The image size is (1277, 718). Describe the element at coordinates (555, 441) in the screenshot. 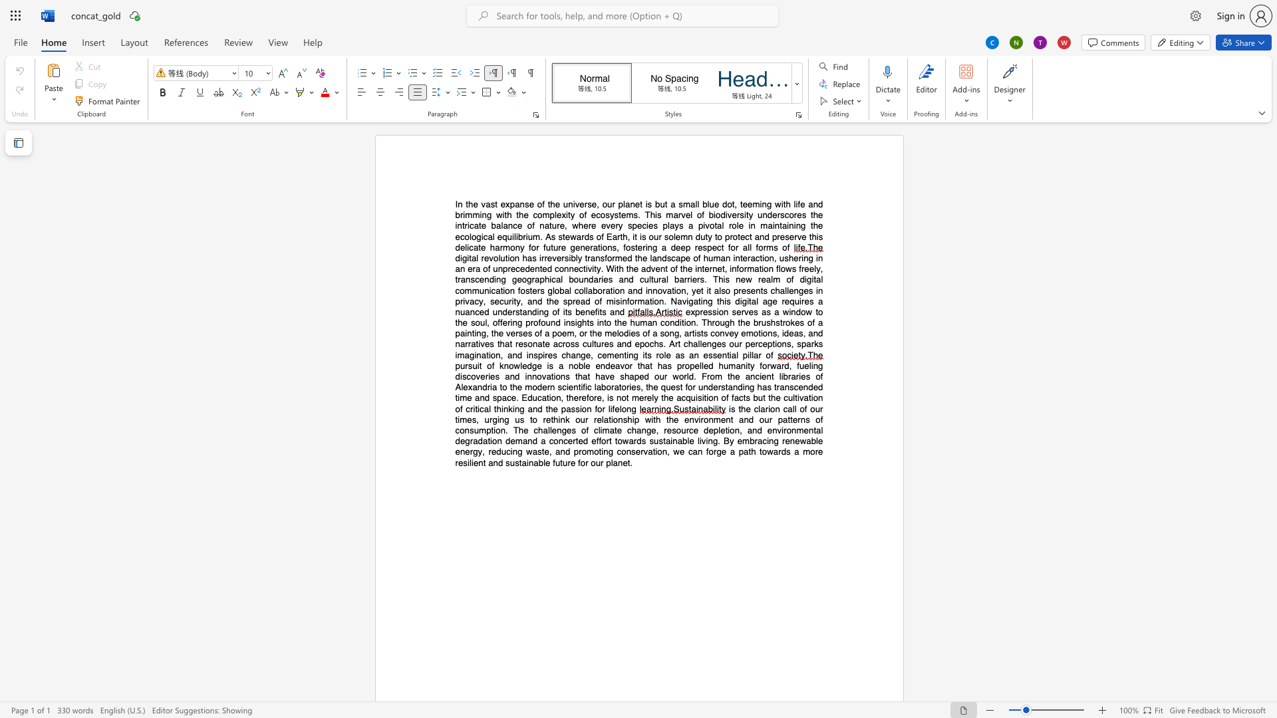

I see `the 17th character "o" in the text` at that location.